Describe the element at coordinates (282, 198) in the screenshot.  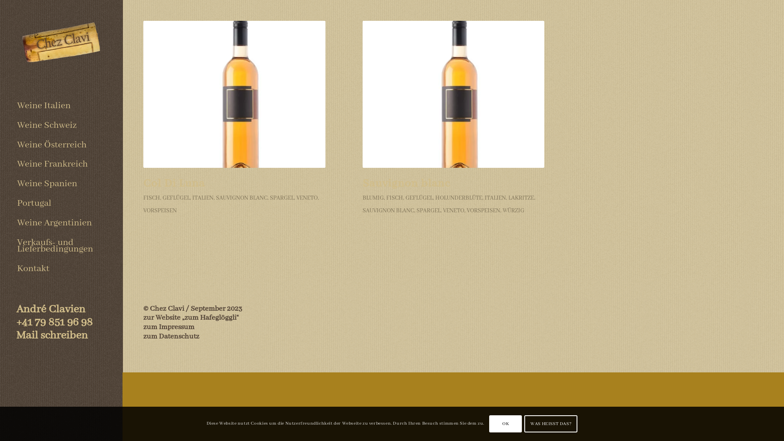
I see `'SPARGEL'` at that location.